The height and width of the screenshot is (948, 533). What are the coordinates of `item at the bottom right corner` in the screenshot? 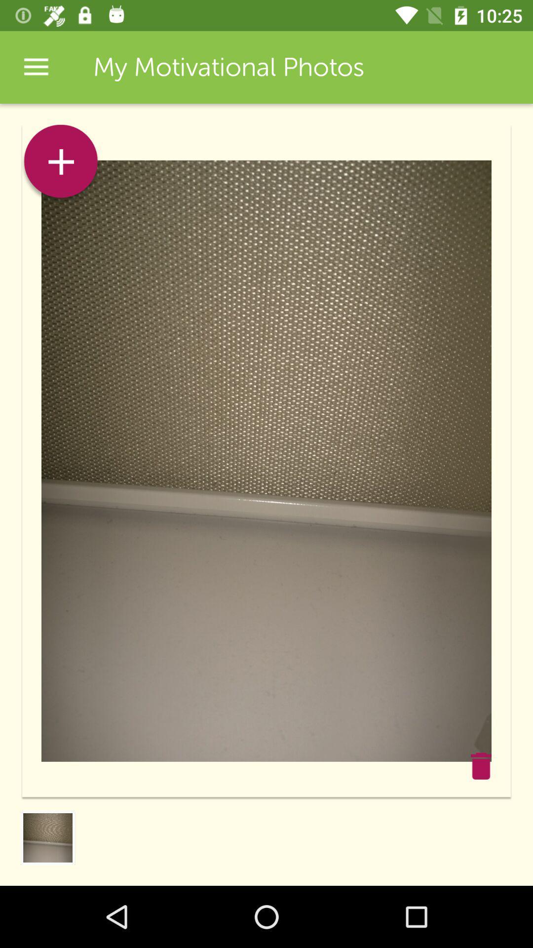 It's located at (481, 765).